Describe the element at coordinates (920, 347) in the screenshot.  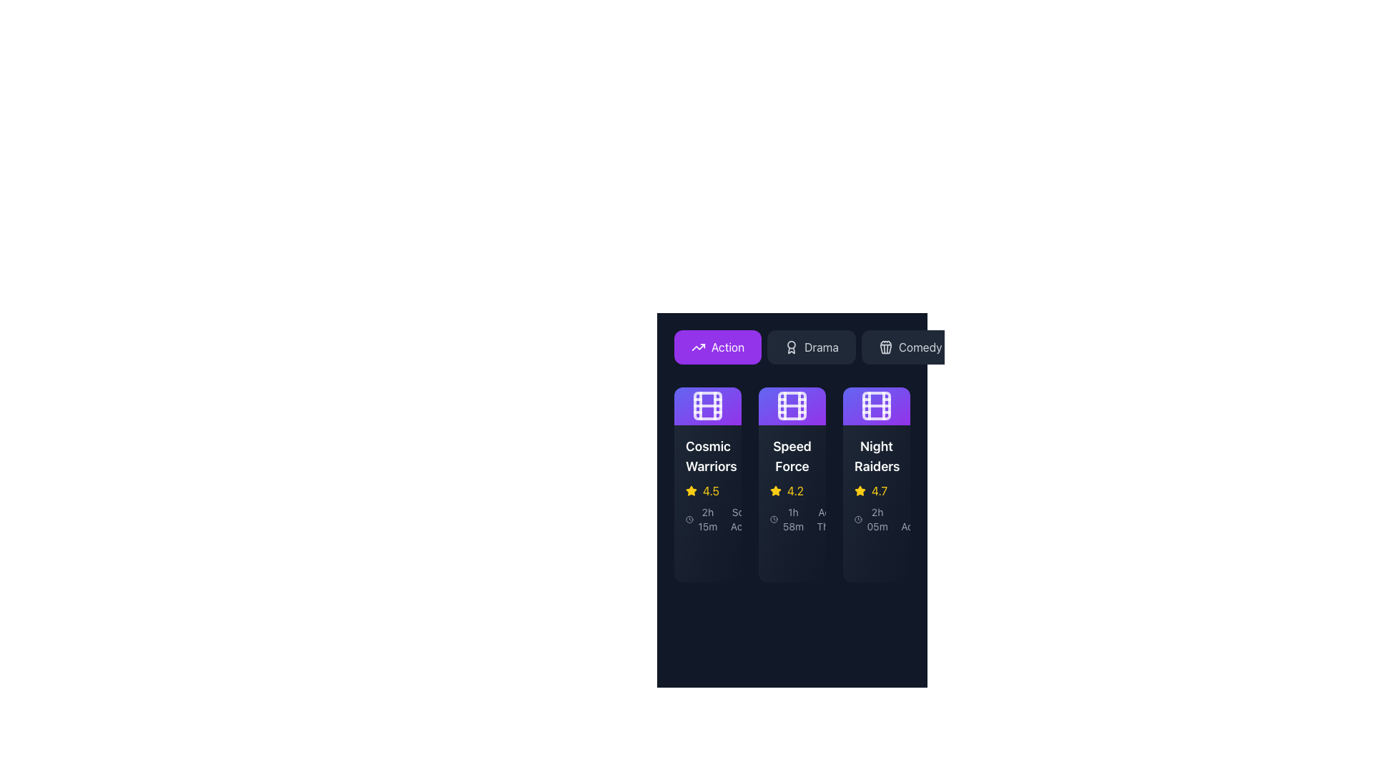
I see `the 'Comedy' text label` at that location.